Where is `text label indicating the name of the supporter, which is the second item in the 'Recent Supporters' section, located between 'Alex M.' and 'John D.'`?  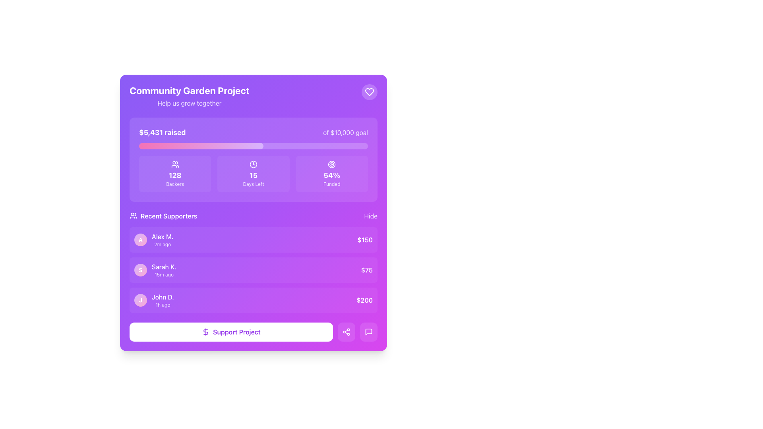
text label indicating the name of the supporter, which is the second item in the 'Recent Supporters' section, located between 'Alex M.' and 'John D.' is located at coordinates (163, 267).